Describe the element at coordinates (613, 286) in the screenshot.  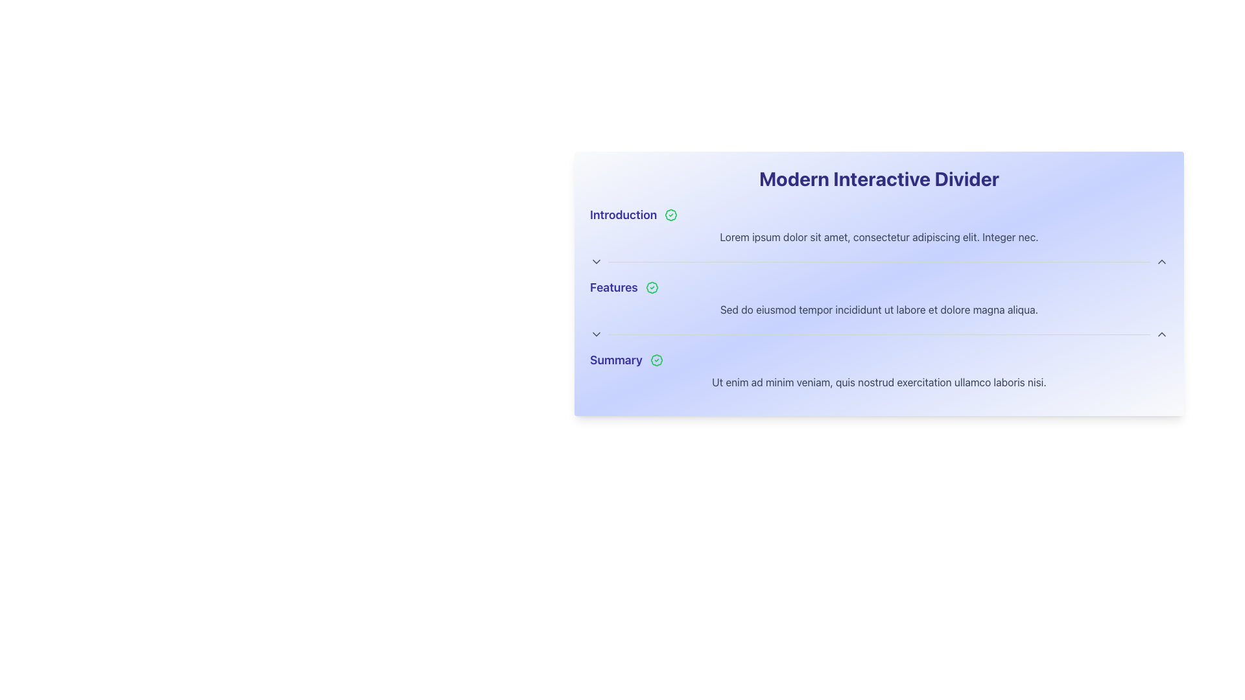
I see `the 'Features' text label that serves as a title for a section, providing orientation for related content` at that location.